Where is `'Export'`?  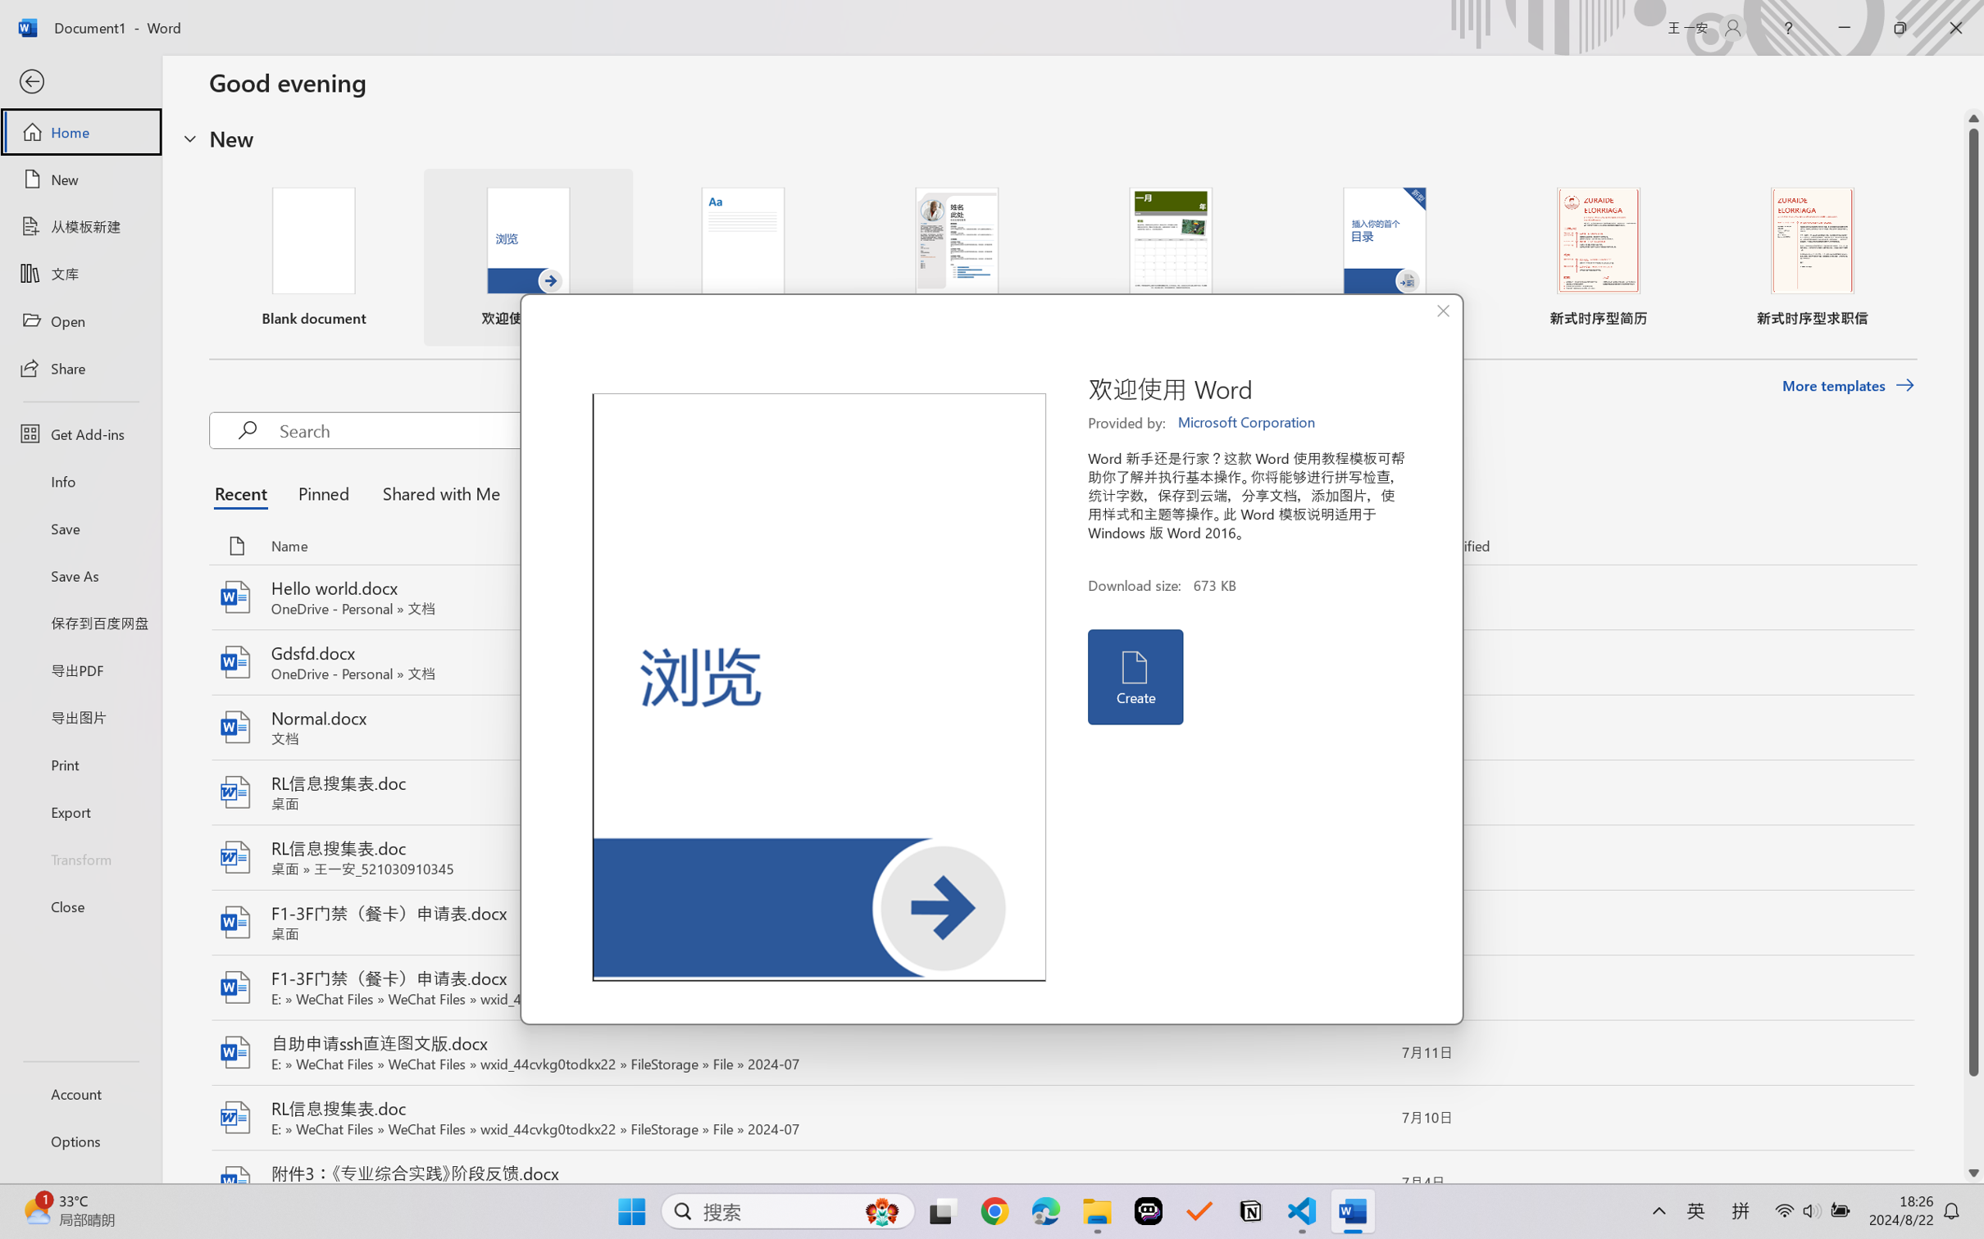 'Export' is located at coordinates (80, 810).